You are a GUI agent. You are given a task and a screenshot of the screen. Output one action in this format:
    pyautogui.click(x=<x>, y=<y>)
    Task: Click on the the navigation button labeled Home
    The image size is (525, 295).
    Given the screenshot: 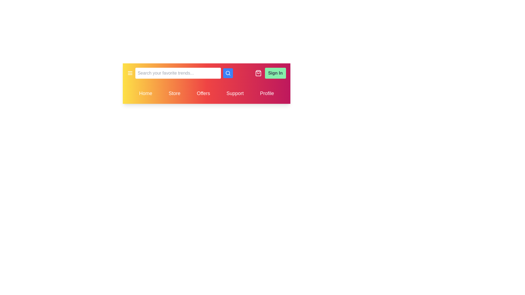 What is the action you would take?
    pyautogui.click(x=145, y=93)
    